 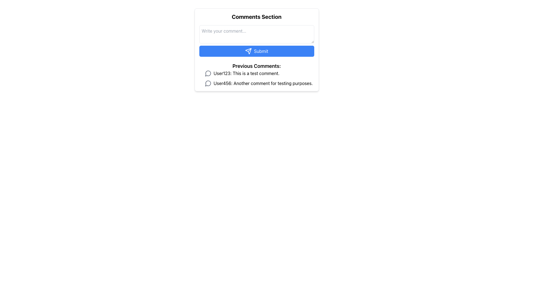 What do you see at coordinates (208, 73) in the screenshot?
I see `the circular outline-style speech bubble icon located at the beginning of the comment entry displaying 'User123: This is a test comment.'` at bounding box center [208, 73].